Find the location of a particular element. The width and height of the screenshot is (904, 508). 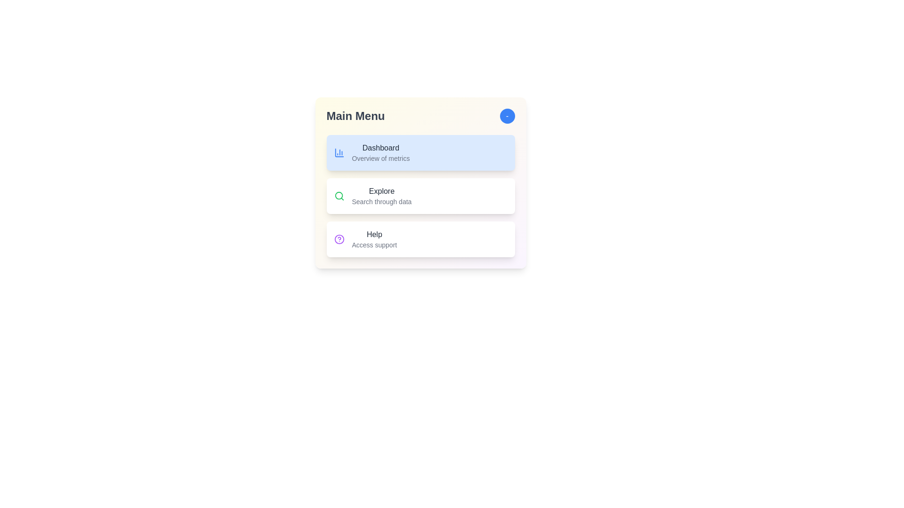

the toggle button to toggle the menu visibility is located at coordinates (507, 115).